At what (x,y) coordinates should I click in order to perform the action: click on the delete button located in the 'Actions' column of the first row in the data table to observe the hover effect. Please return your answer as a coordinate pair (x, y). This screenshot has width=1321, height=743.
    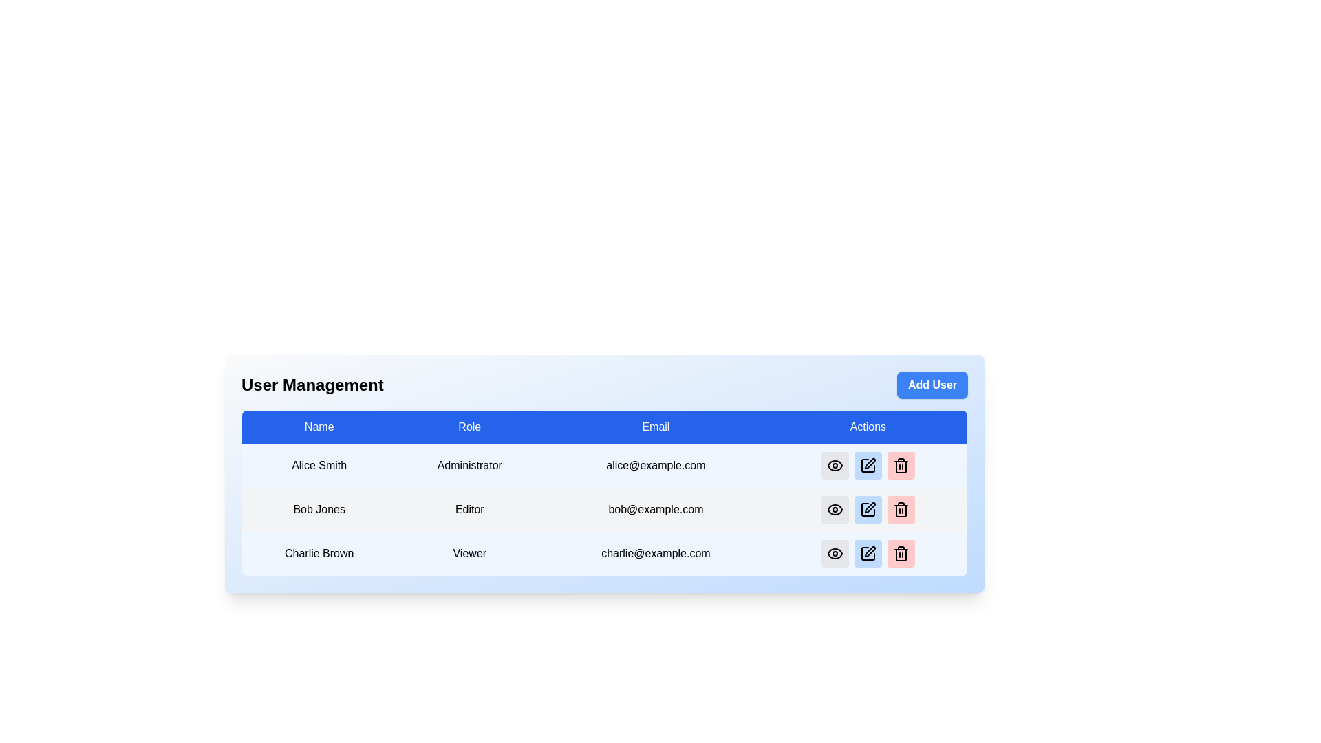
    Looking at the image, I should click on (901, 465).